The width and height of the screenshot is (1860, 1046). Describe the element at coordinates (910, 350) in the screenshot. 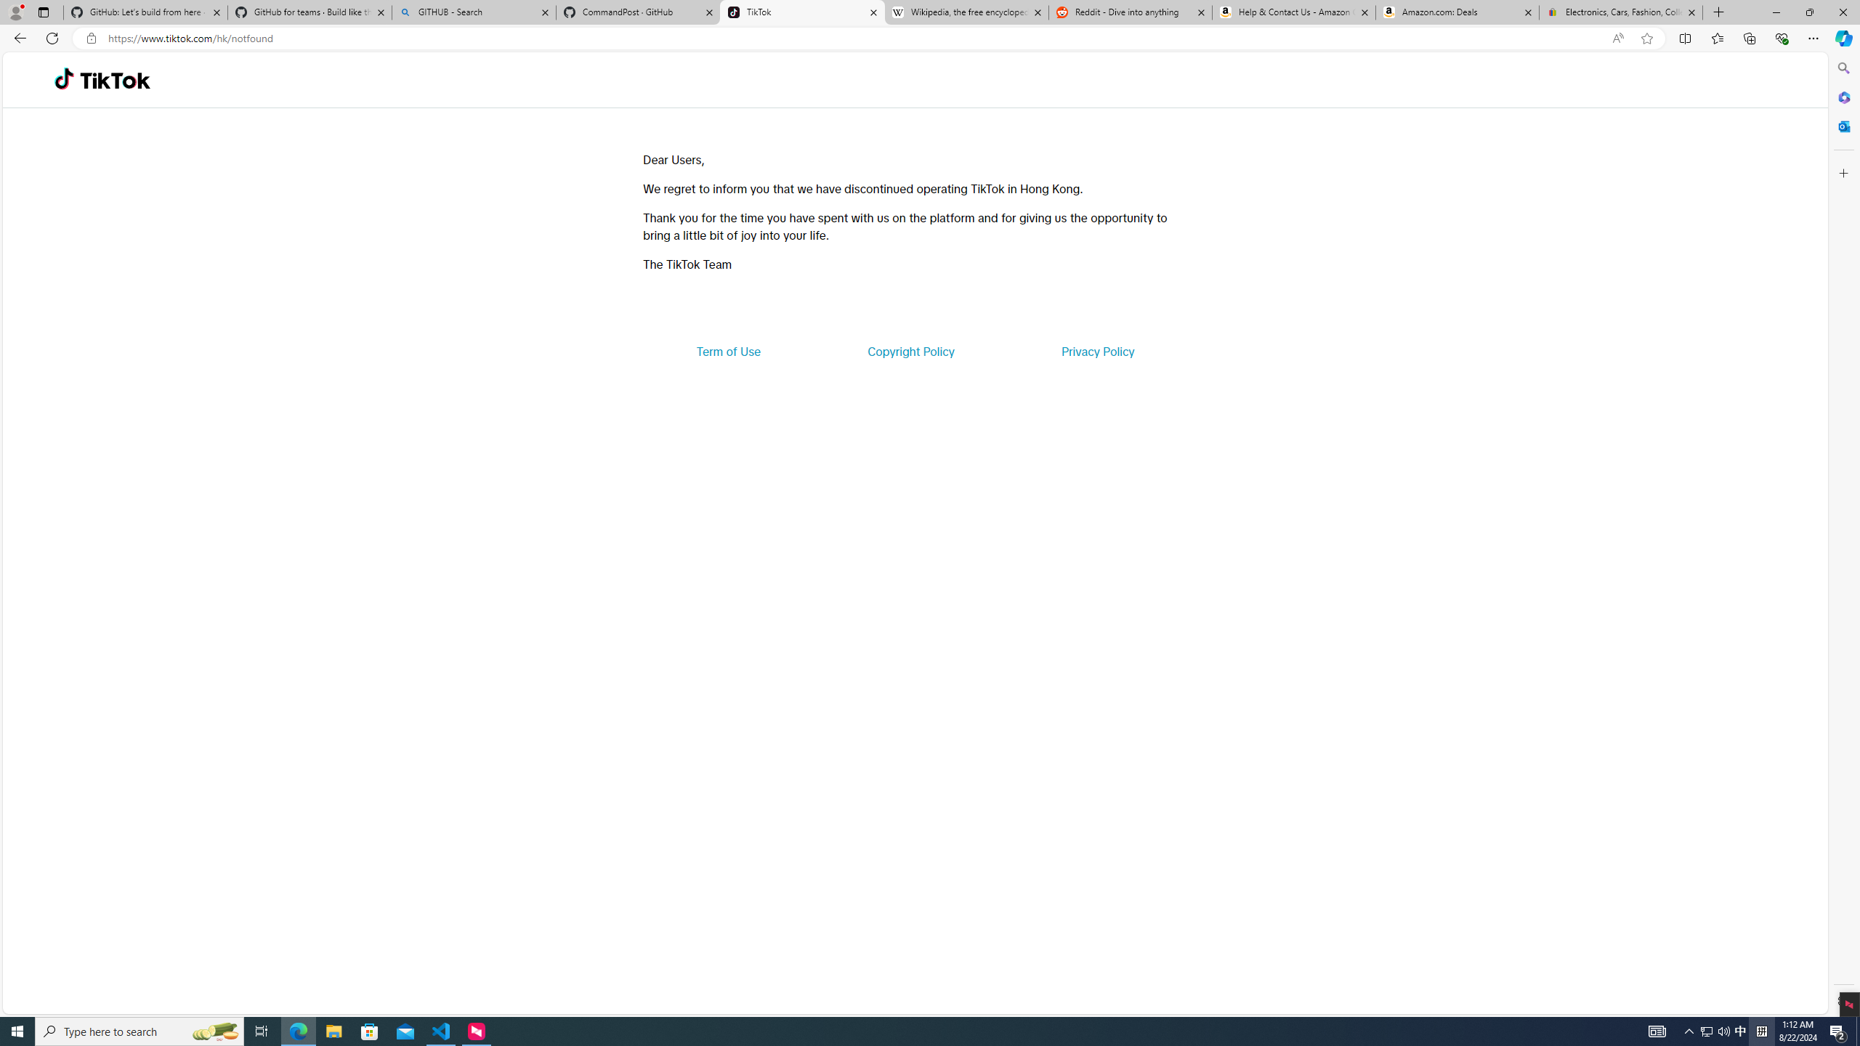

I see `'Copyright Policy'` at that location.